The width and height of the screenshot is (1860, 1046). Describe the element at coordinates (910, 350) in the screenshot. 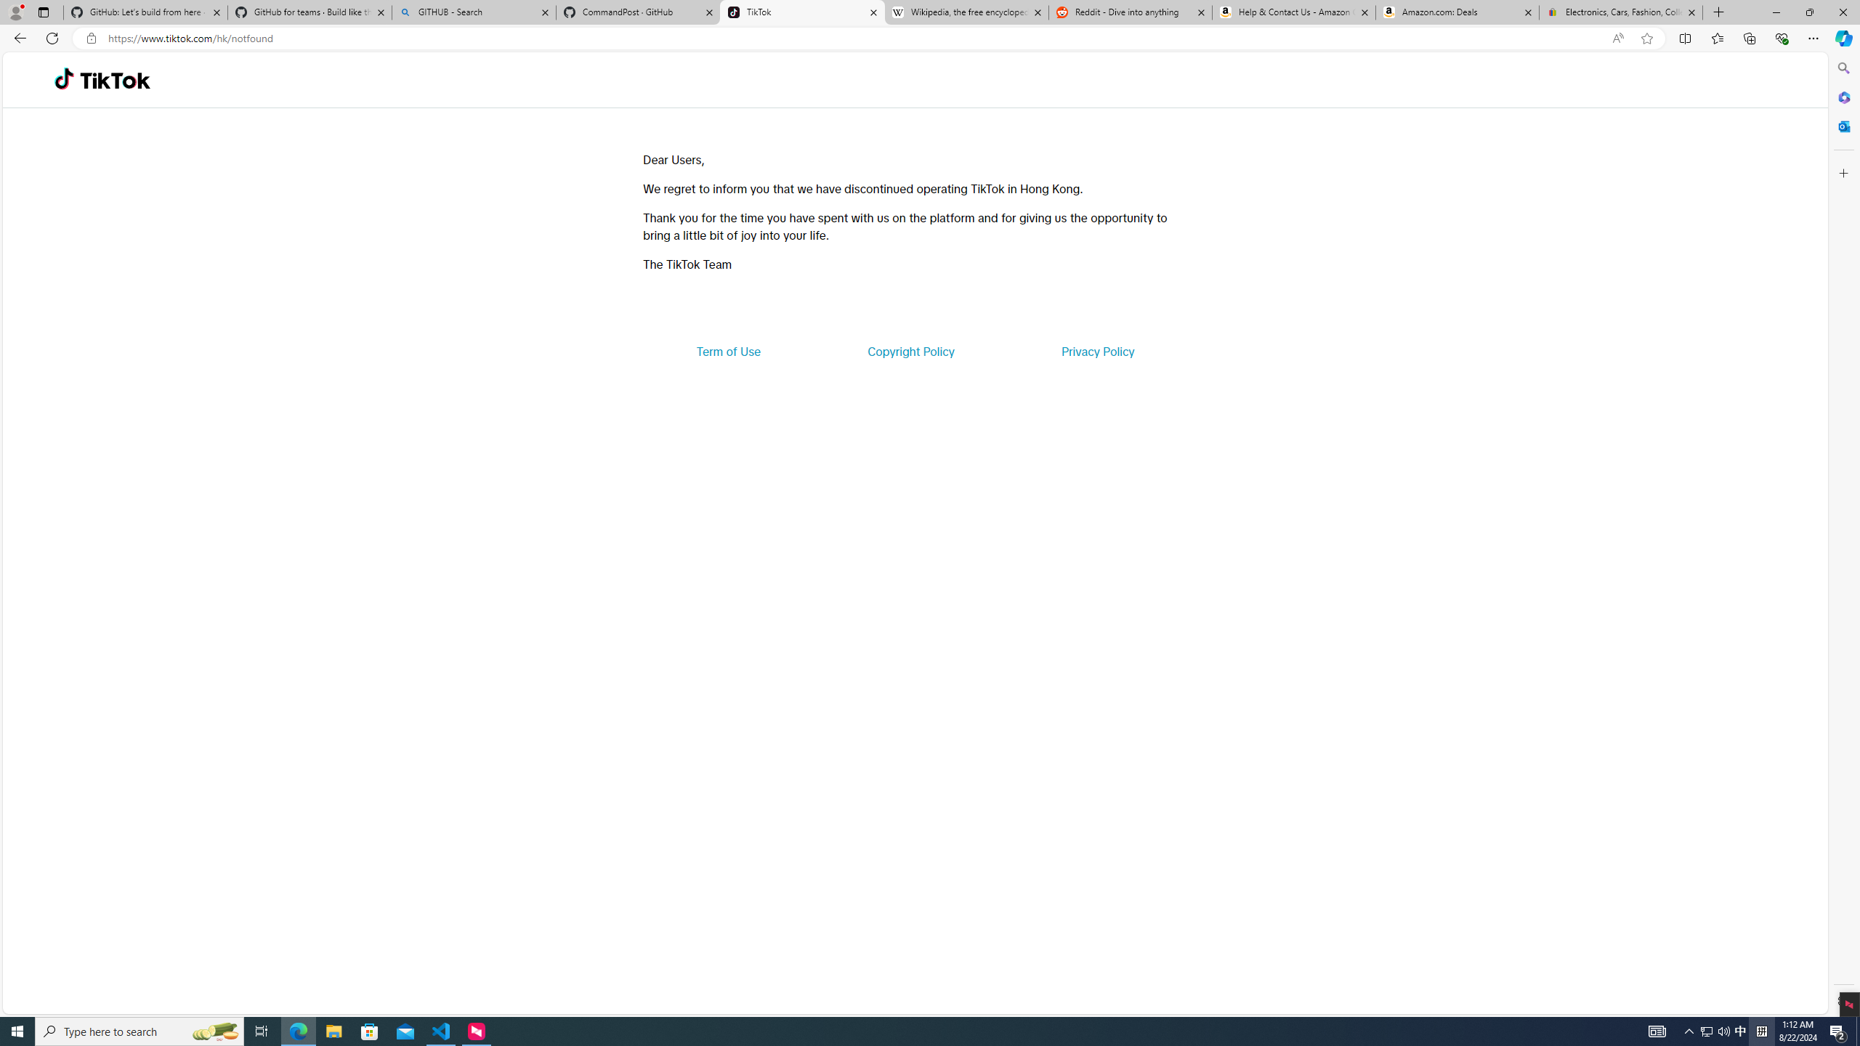

I see `'Copyright Policy'` at that location.